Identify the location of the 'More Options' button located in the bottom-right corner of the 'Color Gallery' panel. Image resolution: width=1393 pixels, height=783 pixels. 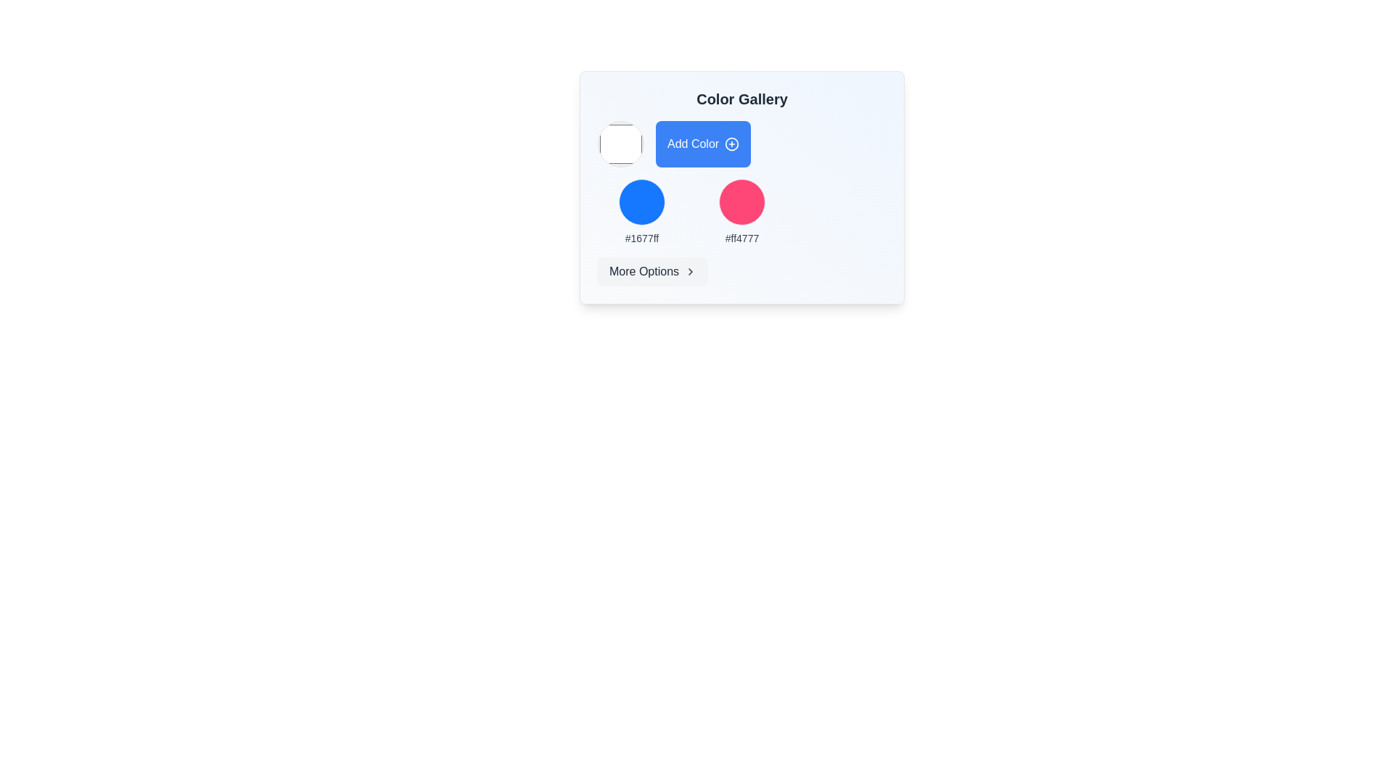
(652, 271).